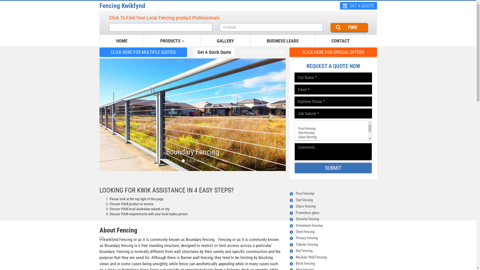  I want to click on 'Tubular fencing', so click(306, 244).